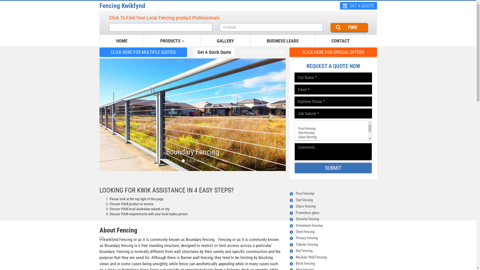  I want to click on 'Tubular fencing', so click(306, 244).